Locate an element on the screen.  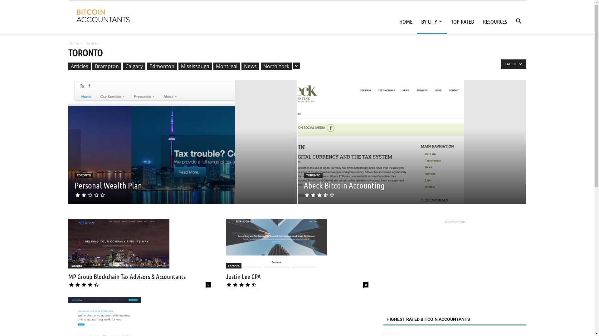
'Mississauga' is located at coordinates (178, 66).